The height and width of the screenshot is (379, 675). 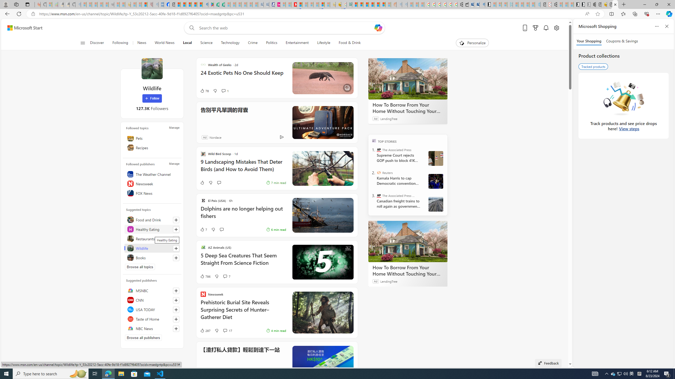 I want to click on 'The Associated Press - Business News', so click(x=378, y=195).